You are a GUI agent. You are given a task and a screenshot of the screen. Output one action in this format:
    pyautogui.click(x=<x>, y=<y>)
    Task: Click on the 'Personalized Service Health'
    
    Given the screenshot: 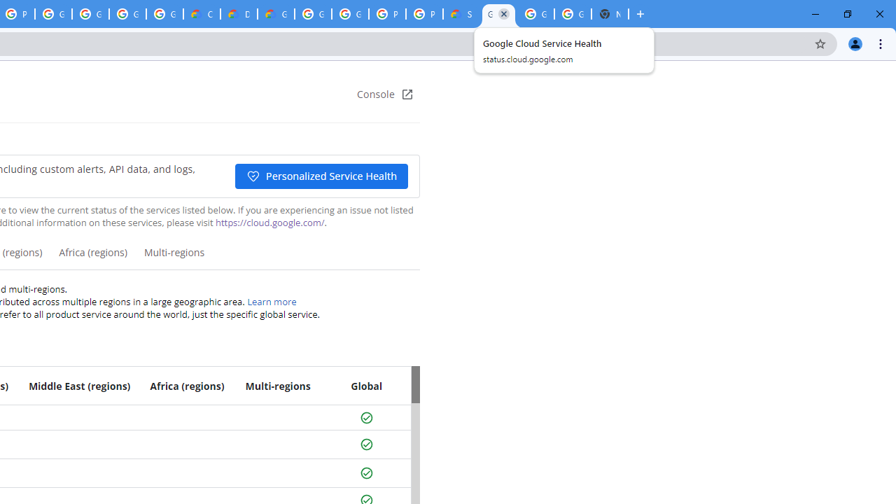 What is the action you would take?
    pyautogui.click(x=320, y=176)
    